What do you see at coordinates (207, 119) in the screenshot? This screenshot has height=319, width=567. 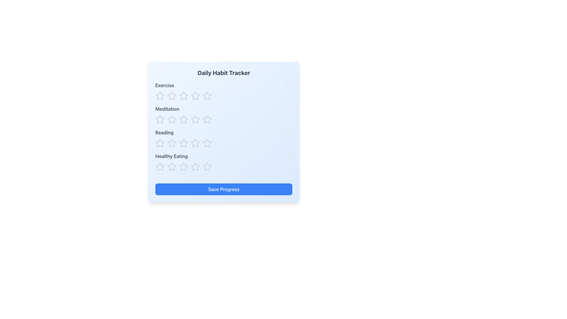 I see `the third hollow star icon in the 'Meditation' row of the 'Daily Habit Tracker' interface` at bounding box center [207, 119].